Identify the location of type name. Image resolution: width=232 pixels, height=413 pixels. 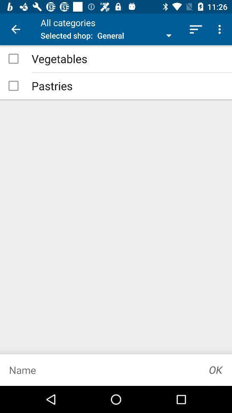
(100, 370).